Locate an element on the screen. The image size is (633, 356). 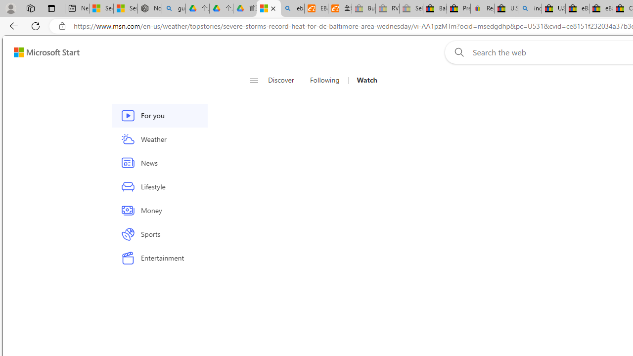
'Baby Keepsakes & Announcements for sale | eBay' is located at coordinates (435, 8).